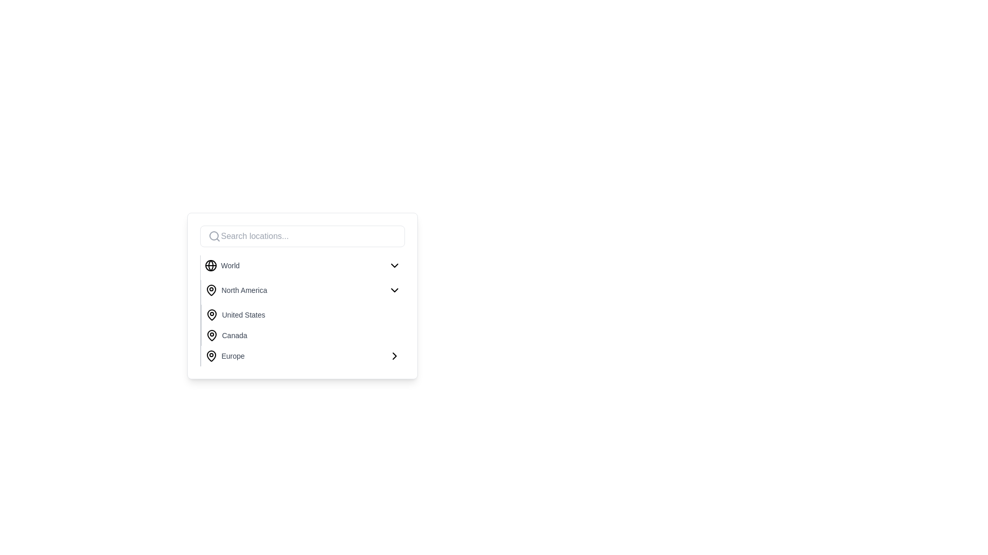 This screenshot has height=555, width=988. I want to click on the fifth item in the dropdown menu that represents 'Europe', so click(302, 356).